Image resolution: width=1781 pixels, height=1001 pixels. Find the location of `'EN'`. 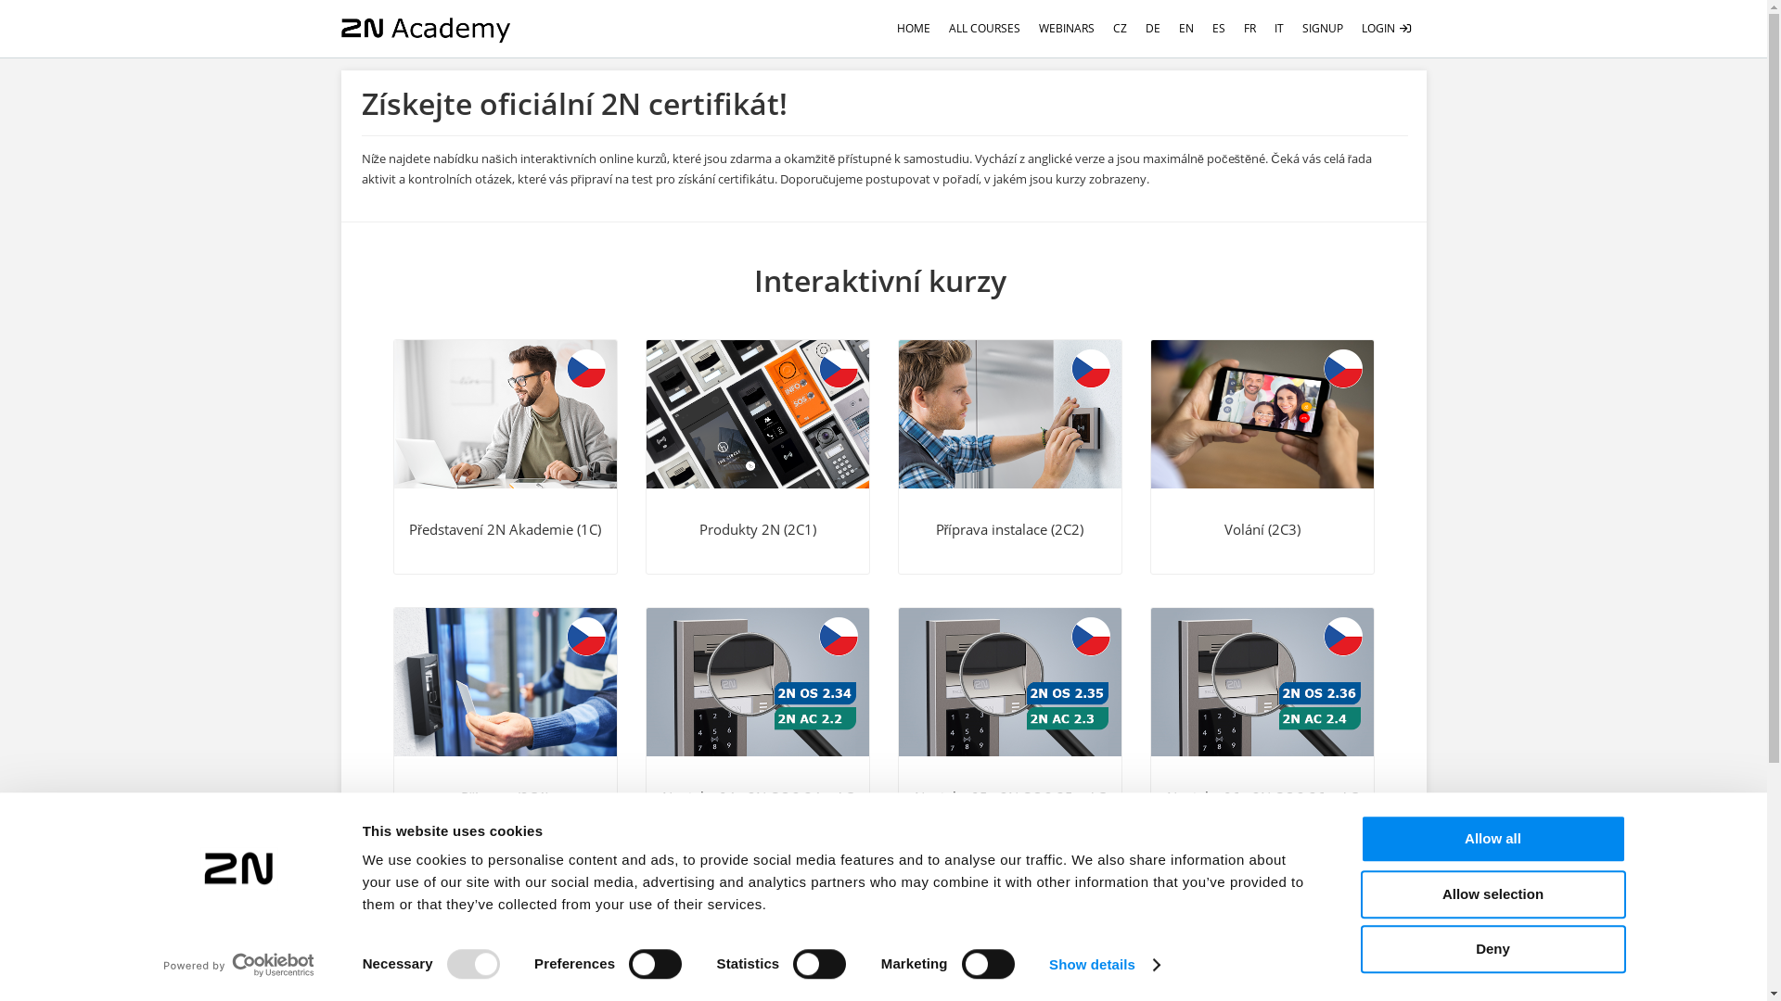

'EN' is located at coordinates (1185, 28).